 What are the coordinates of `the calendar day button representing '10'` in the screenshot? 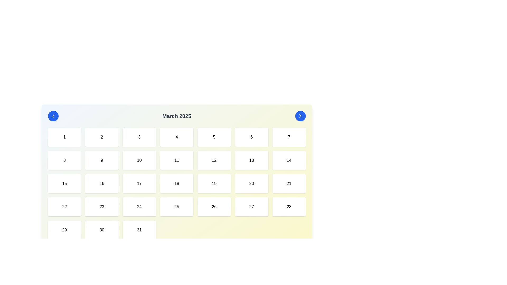 It's located at (139, 160).